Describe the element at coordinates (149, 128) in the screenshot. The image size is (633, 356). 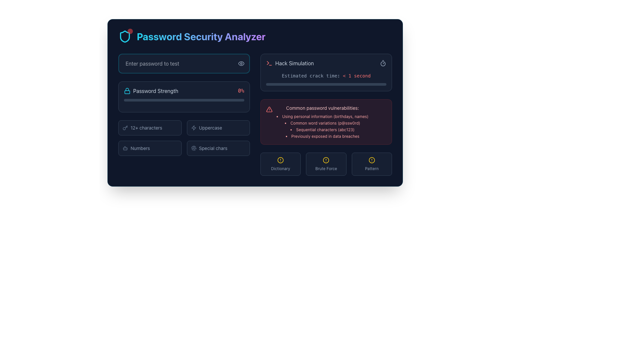
I see `the label reading '12+ characters' which is accompanied by a small key icon, located in the top-left of the password requirements box` at that location.